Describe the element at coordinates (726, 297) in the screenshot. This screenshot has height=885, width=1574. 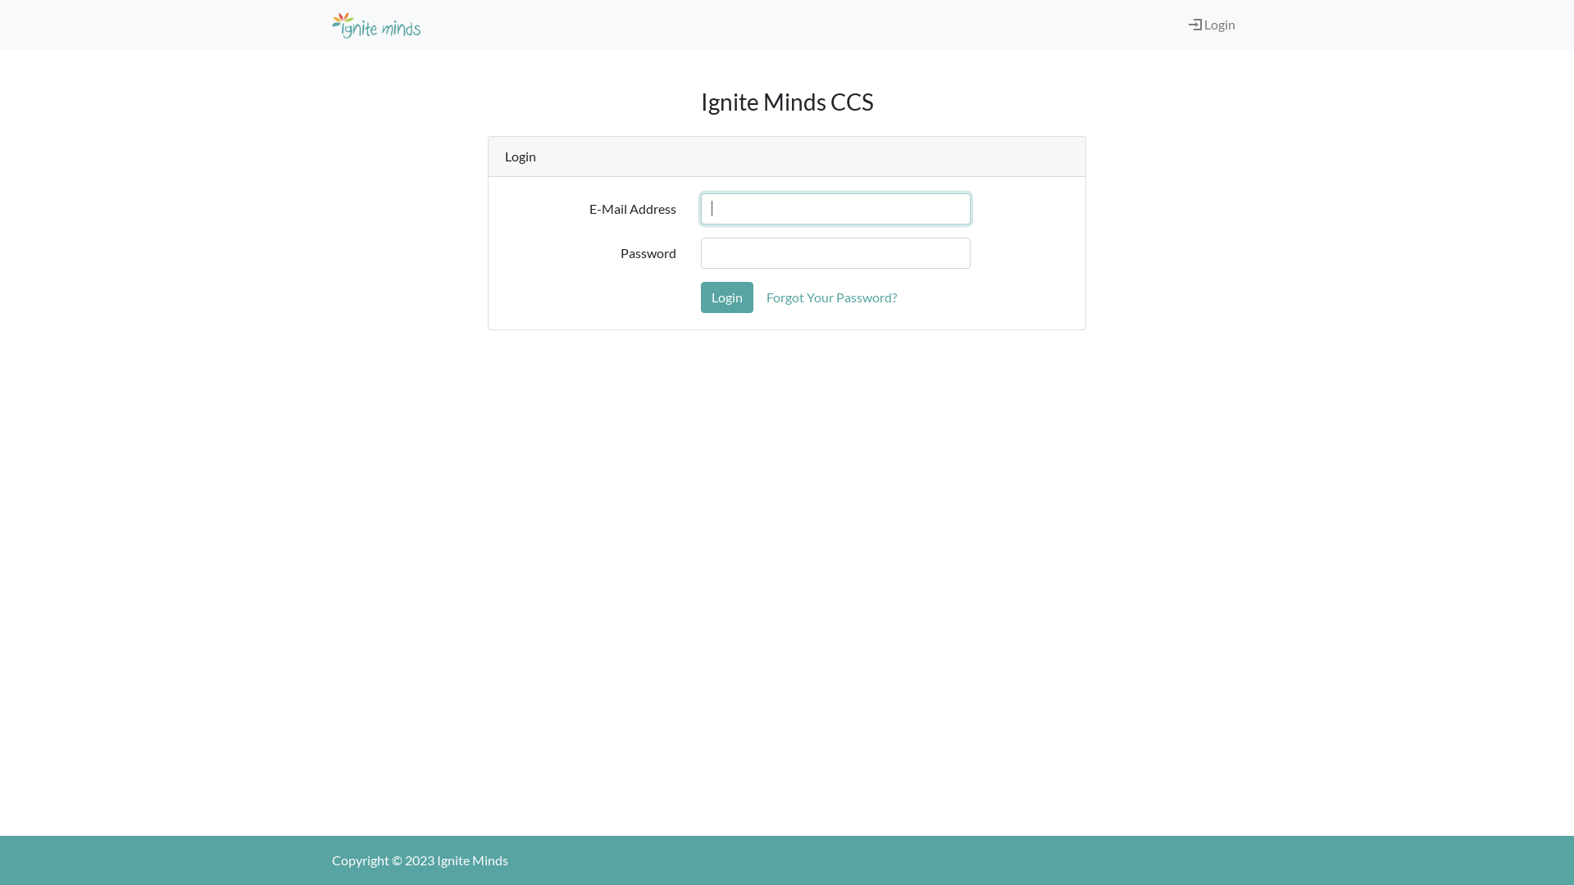
I see `'Login'` at that location.